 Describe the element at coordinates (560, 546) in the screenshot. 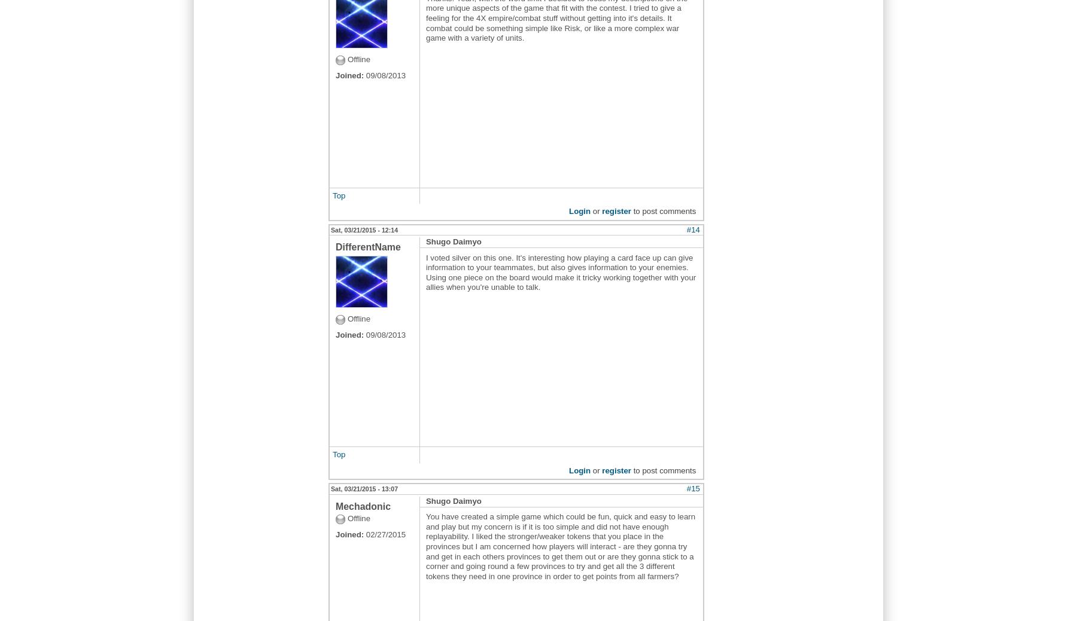

I see `'You have created a simple game which could be fun, quick and easy to learn and play but my concern is if it is too simple and did not have enough replayability. I liked the stronger/weaker tokens that you place in the provinces but I am concerned how players will interact - are they gonna try and get in each others provinces to get them out or are they gonna stick to a corner and going round a few provinces to try and get all the 3 different tokens they need in one province in order to get points from all farmers?'` at that location.